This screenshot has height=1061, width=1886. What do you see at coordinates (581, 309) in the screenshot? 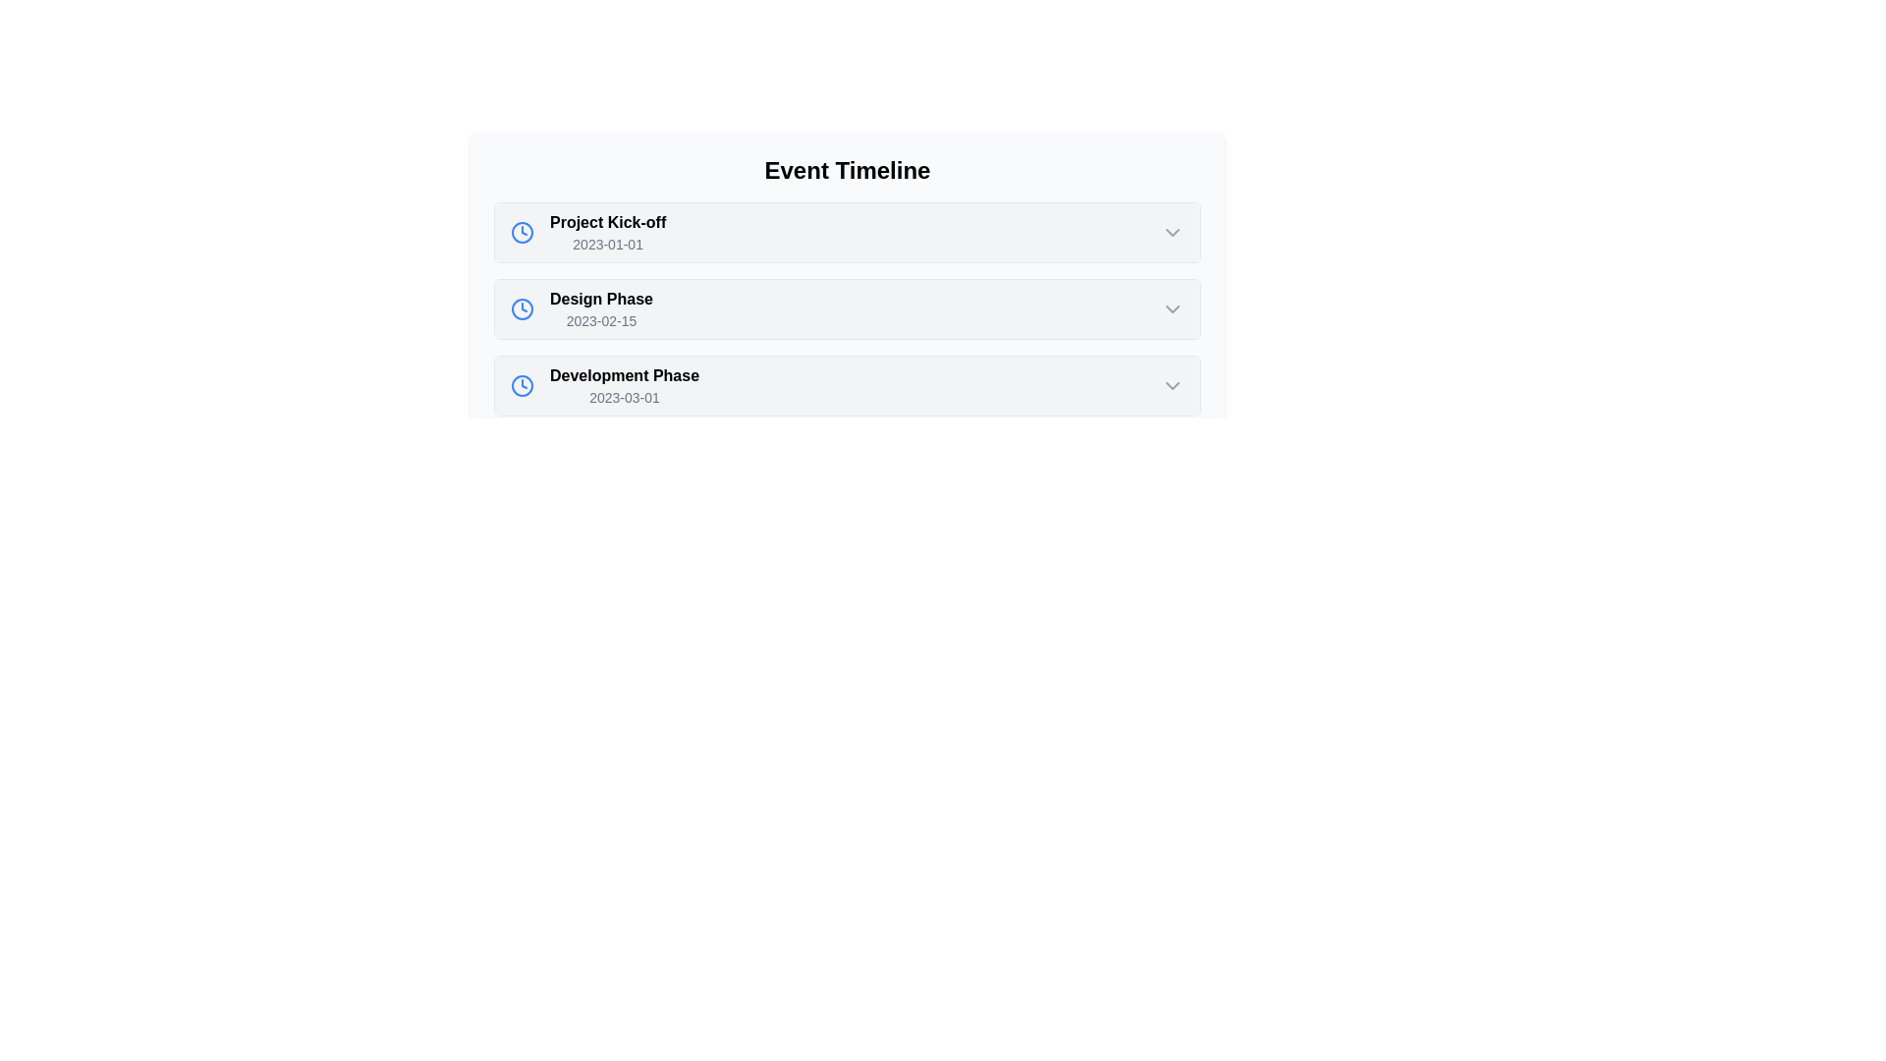
I see `the list item labeled 'Design Phase' with the date '2023-02-15'` at bounding box center [581, 309].